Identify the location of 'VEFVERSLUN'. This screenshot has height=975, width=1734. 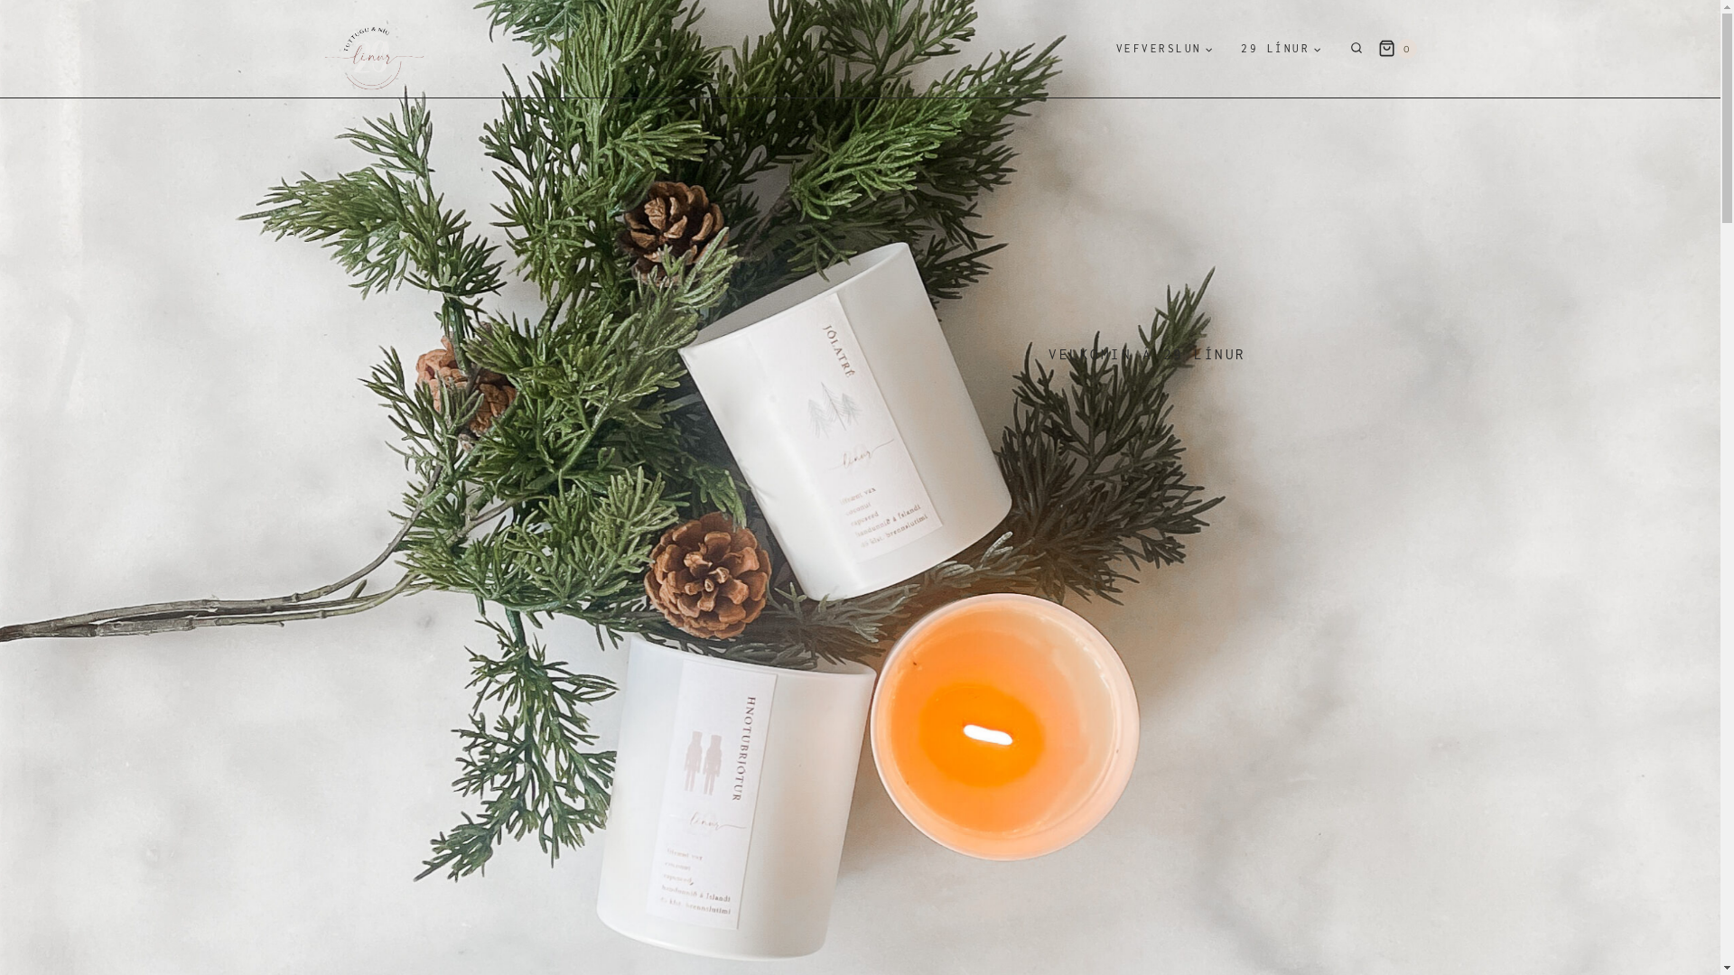
(1164, 48).